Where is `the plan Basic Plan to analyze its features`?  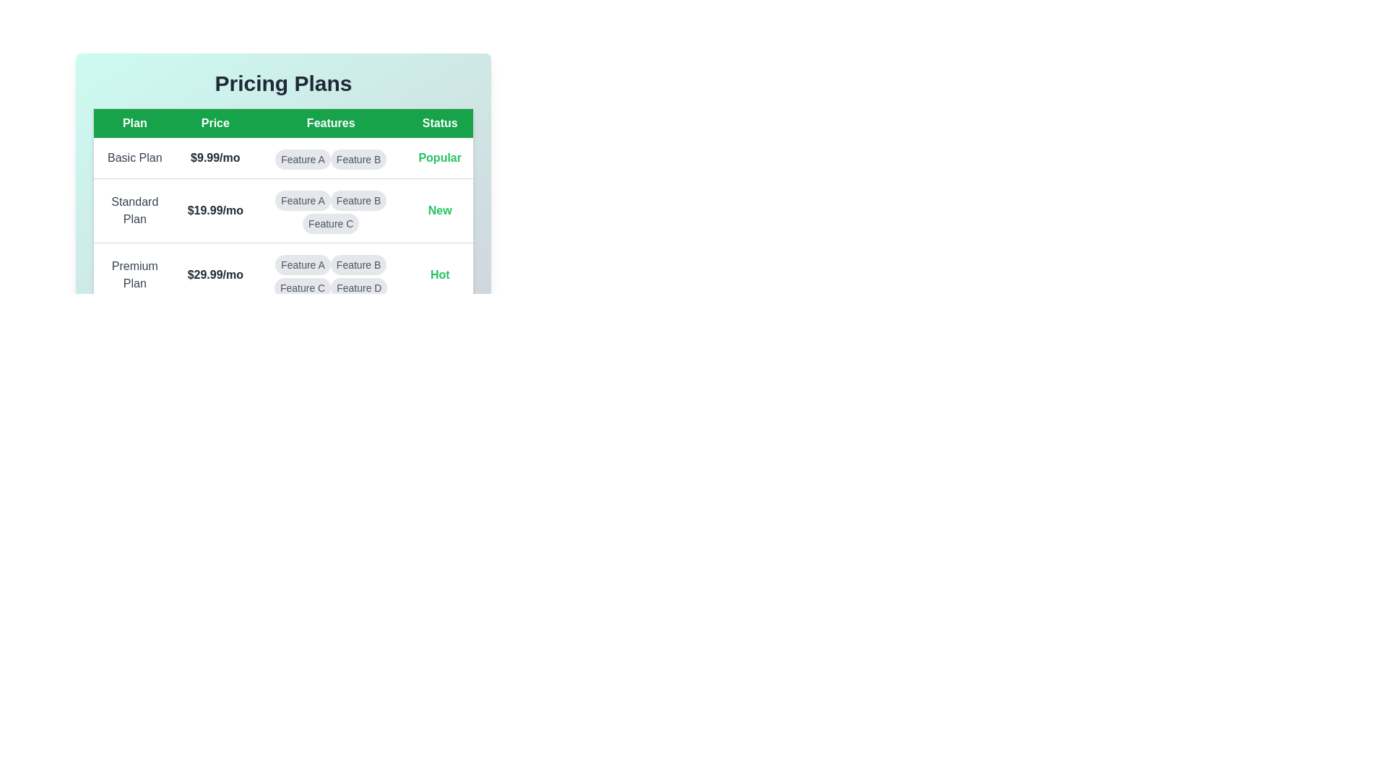 the plan Basic Plan to analyze its features is located at coordinates (134, 158).